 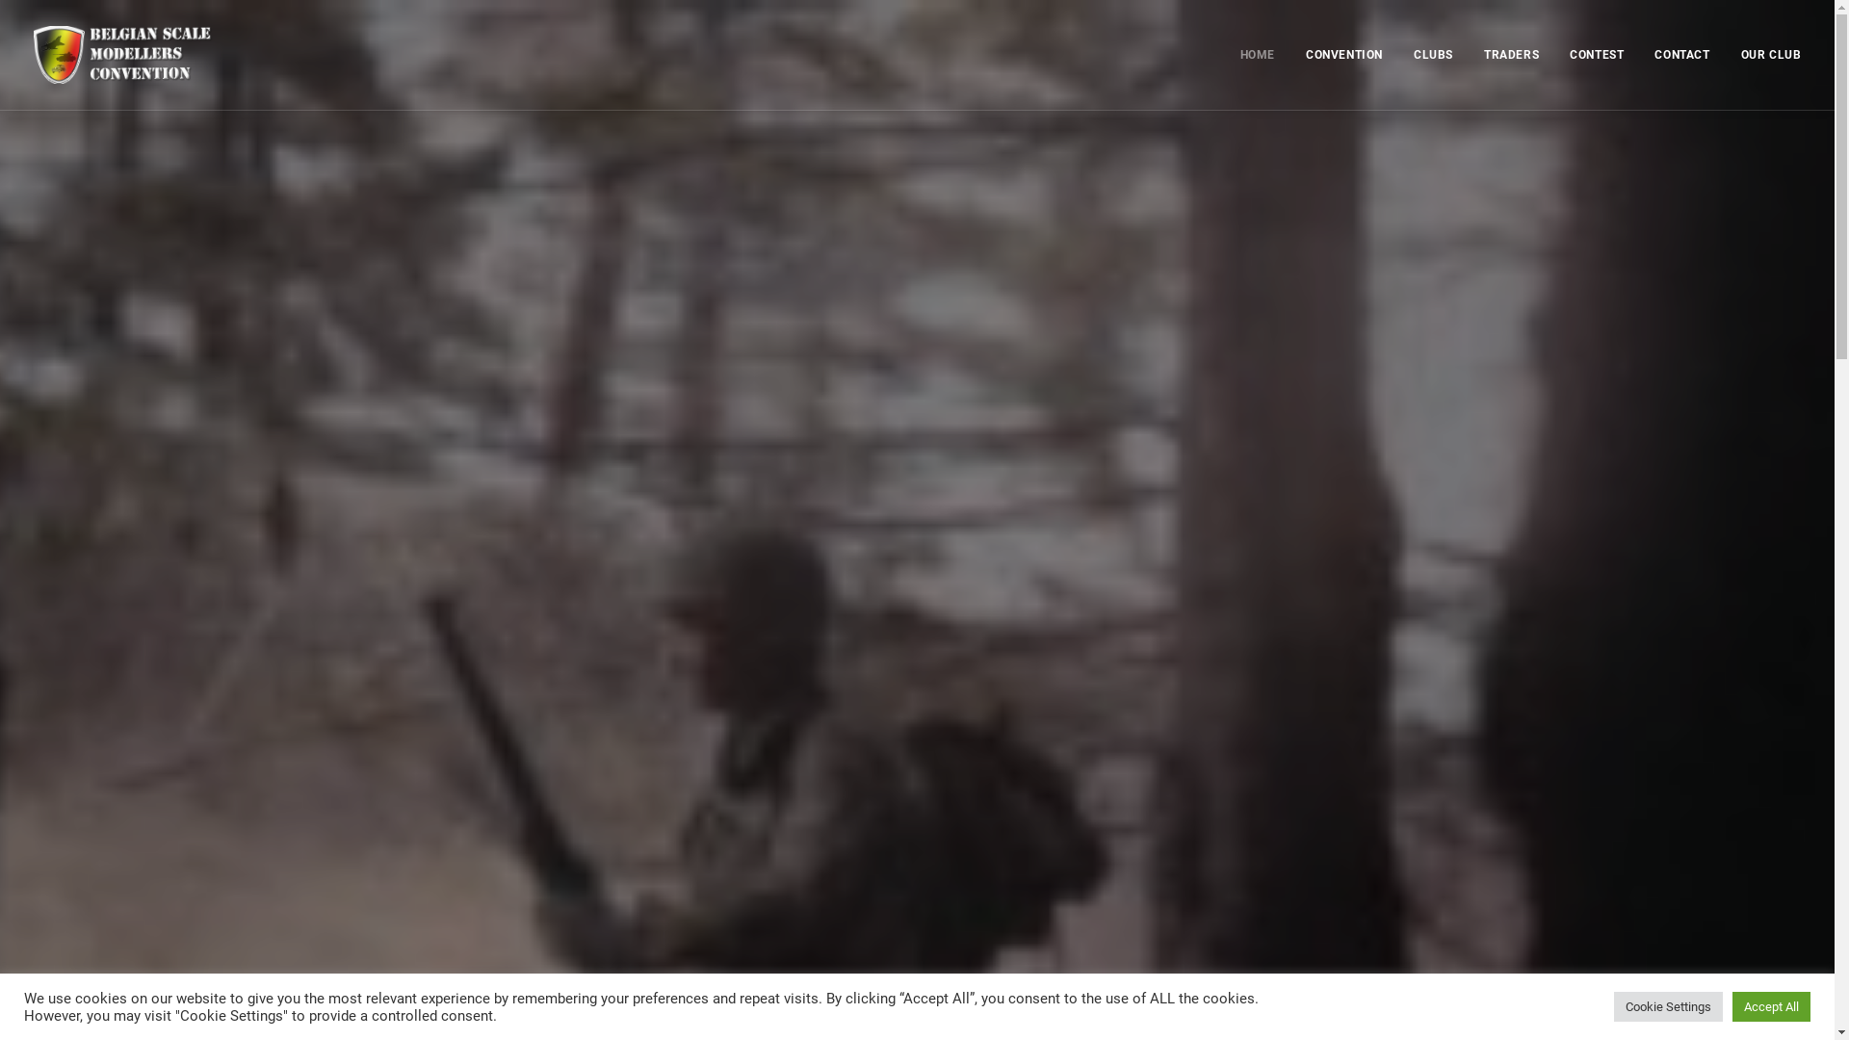 I want to click on 'CLUBS', so click(x=1400, y=54).